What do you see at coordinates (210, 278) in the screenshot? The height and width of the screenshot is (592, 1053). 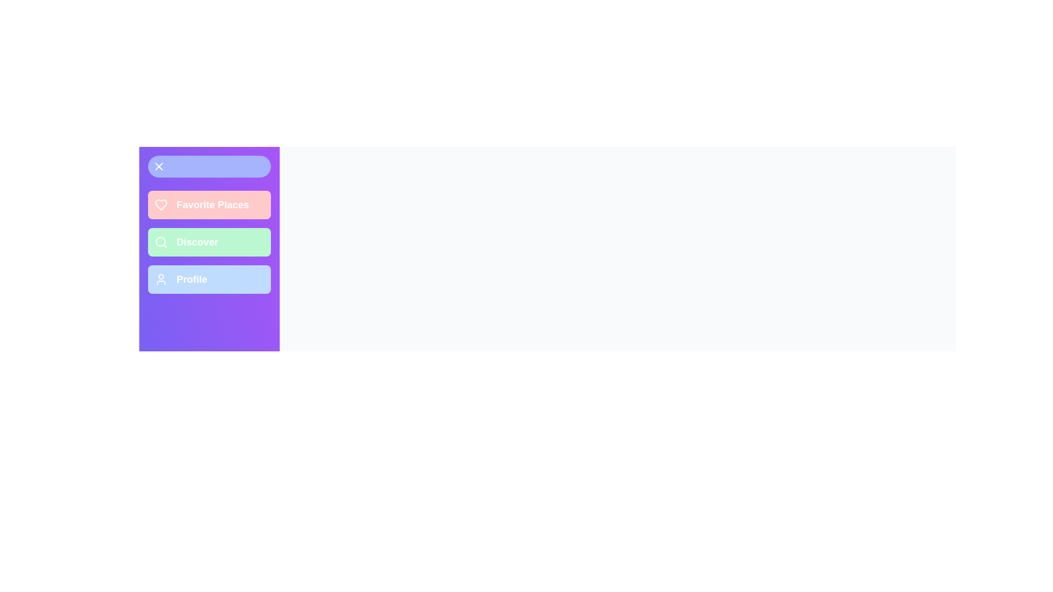 I see `the 'Profile' menu item` at bounding box center [210, 278].